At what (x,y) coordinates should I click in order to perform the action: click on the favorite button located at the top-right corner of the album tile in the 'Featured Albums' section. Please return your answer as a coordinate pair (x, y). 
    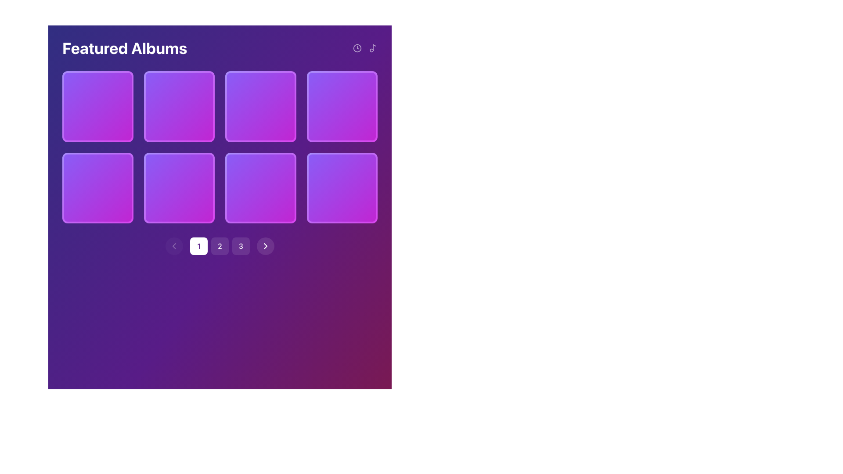
    Looking at the image, I should click on (360, 88).